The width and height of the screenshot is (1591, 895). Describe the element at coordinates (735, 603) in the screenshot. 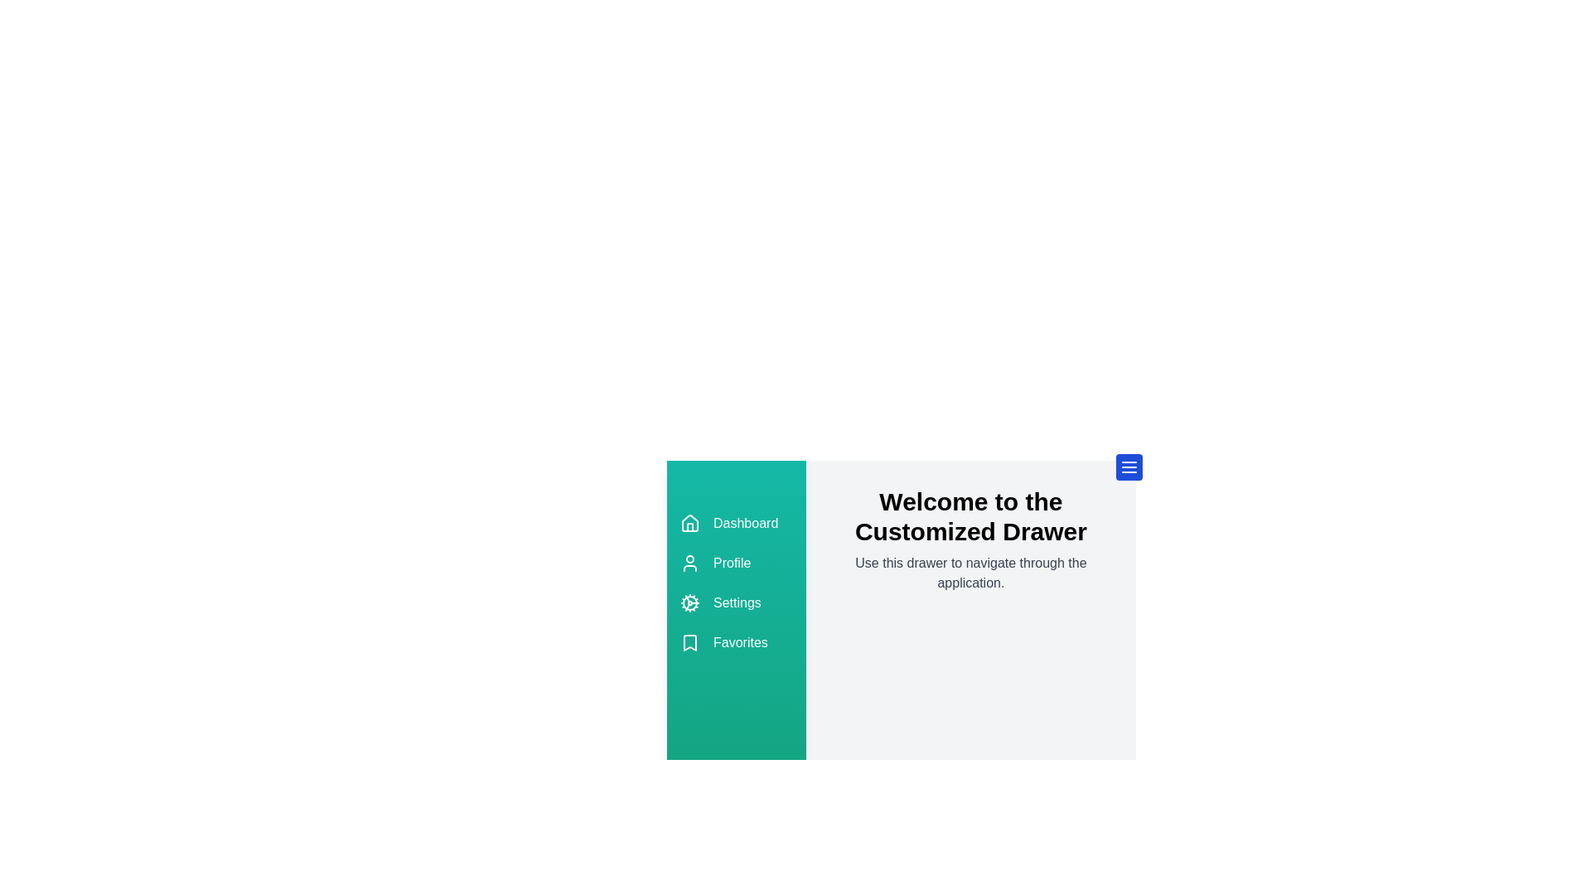

I see `the 'Settings' menu item in the drawer` at that location.